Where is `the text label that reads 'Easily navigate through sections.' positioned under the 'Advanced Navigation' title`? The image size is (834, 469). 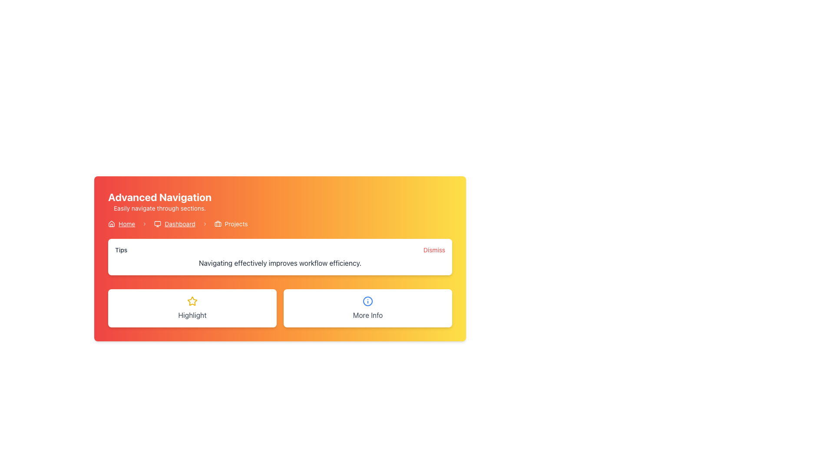
the text label that reads 'Easily navigate through sections.' positioned under the 'Advanced Navigation' title is located at coordinates (160, 208).